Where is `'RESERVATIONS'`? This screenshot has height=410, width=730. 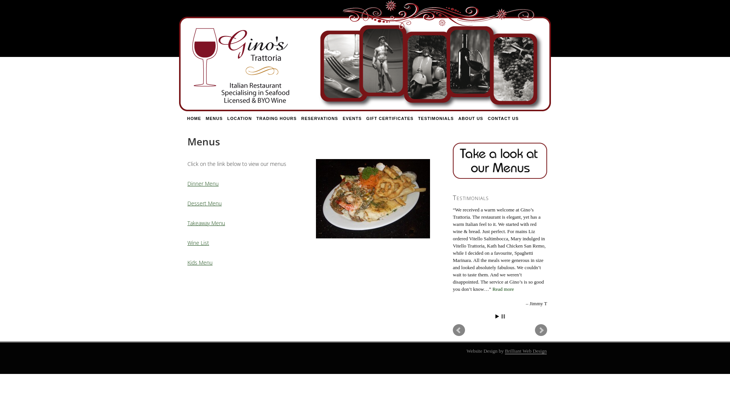
'RESERVATIONS' is located at coordinates (319, 118).